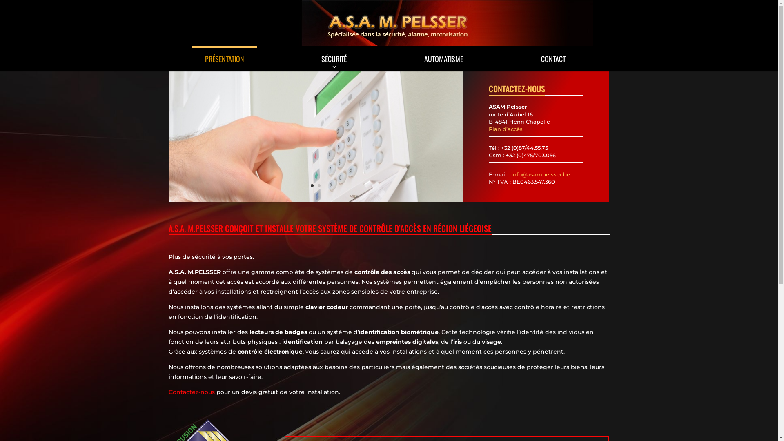  I want to click on 'CONTACT', so click(553, 58).